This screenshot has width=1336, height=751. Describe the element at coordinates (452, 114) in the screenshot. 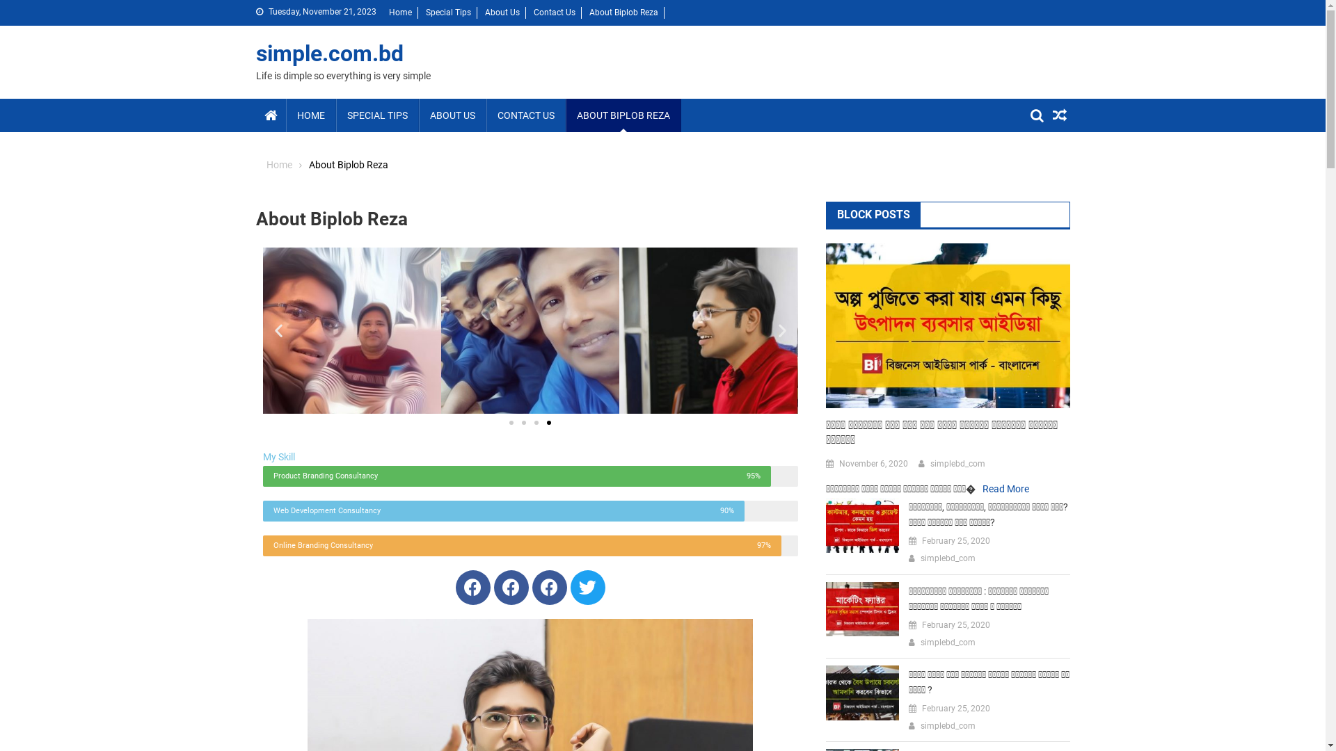

I see `'ABOUT US'` at that location.